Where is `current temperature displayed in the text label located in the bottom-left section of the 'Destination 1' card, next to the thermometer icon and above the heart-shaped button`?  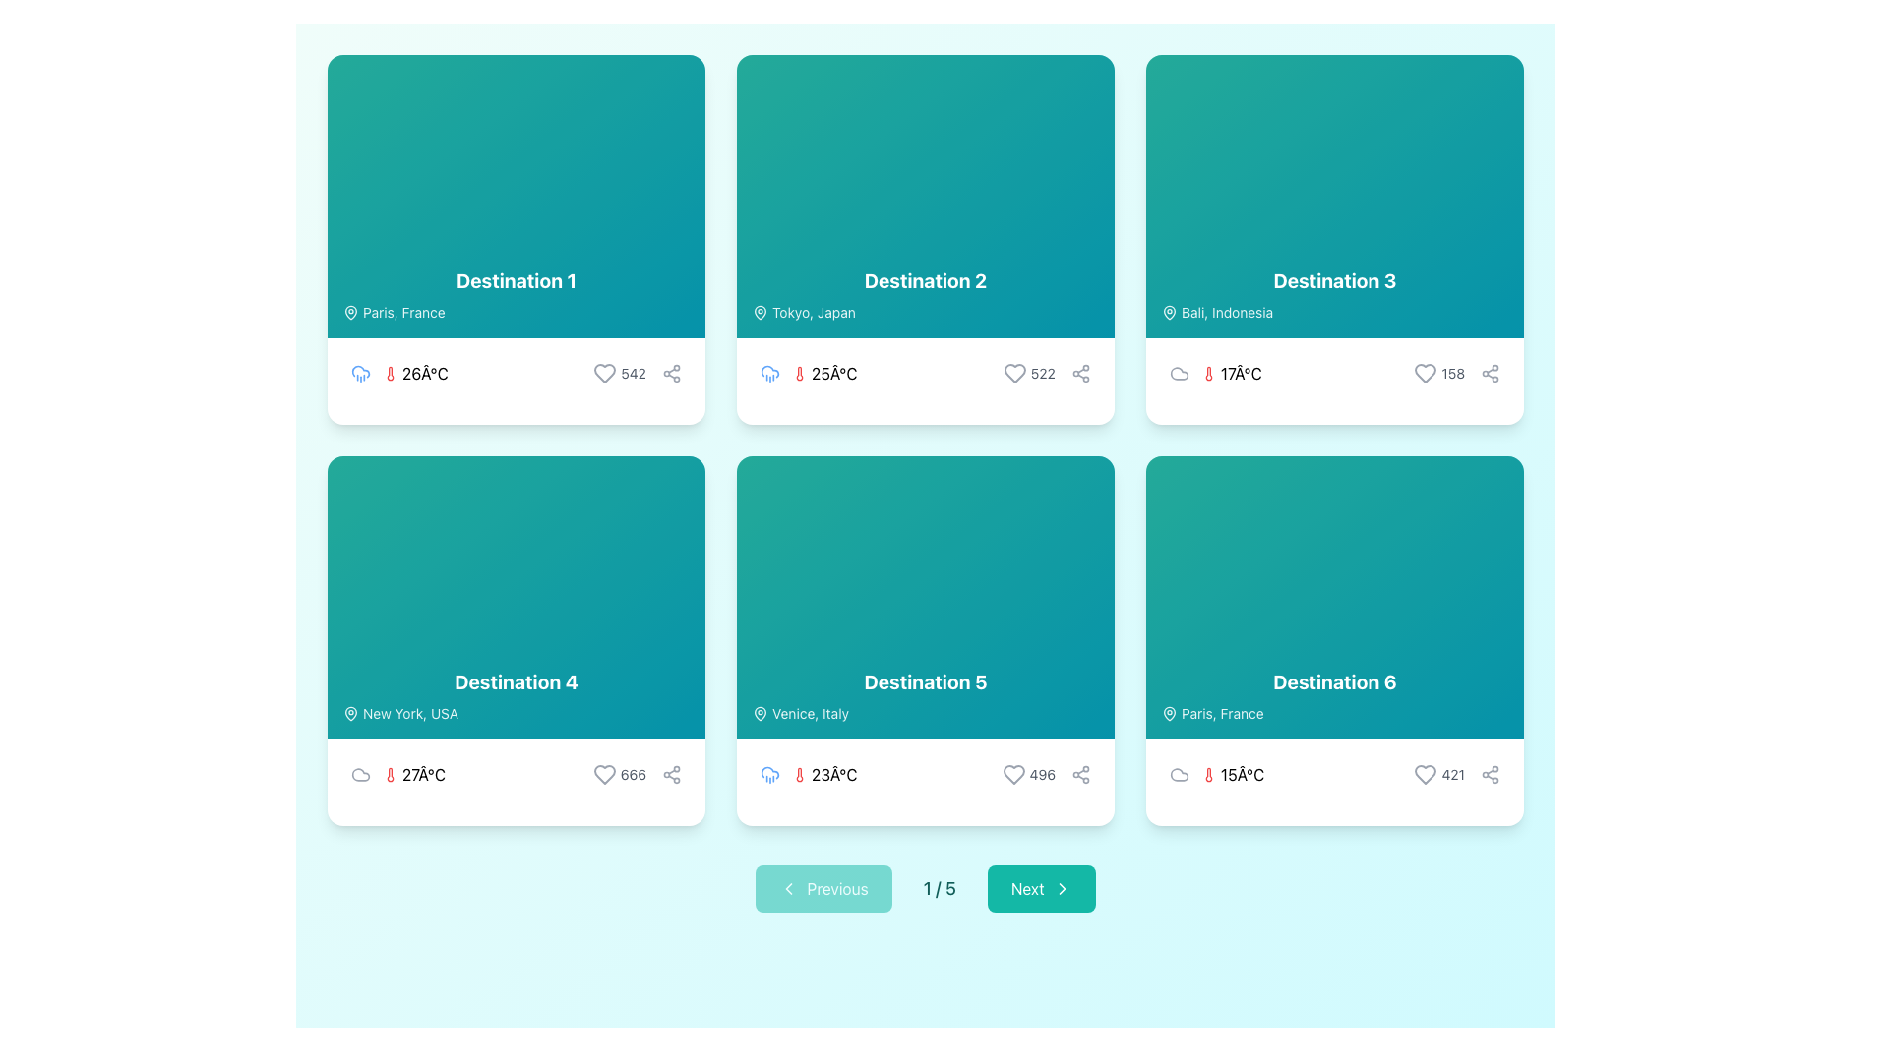 current temperature displayed in the text label located in the bottom-left section of the 'Destination 1' card, next to the thermometer icon and above the heart-shaped button is located at coordinates (424, 374).